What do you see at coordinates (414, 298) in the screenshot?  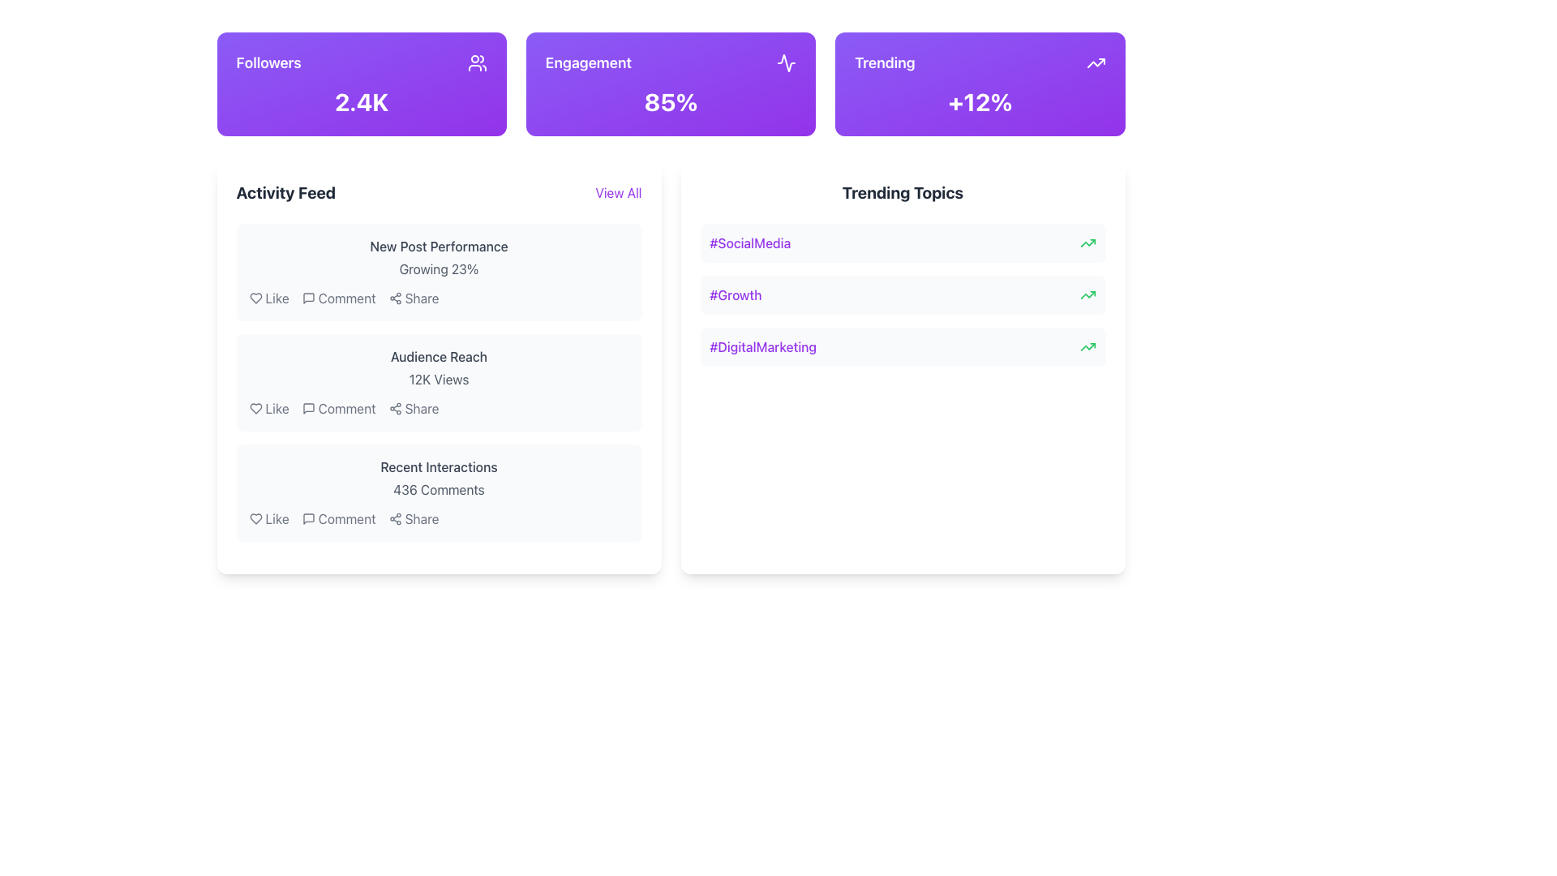 I see `the share button with icon and label, which is the third button in the row` at bounding box center [414, 298].